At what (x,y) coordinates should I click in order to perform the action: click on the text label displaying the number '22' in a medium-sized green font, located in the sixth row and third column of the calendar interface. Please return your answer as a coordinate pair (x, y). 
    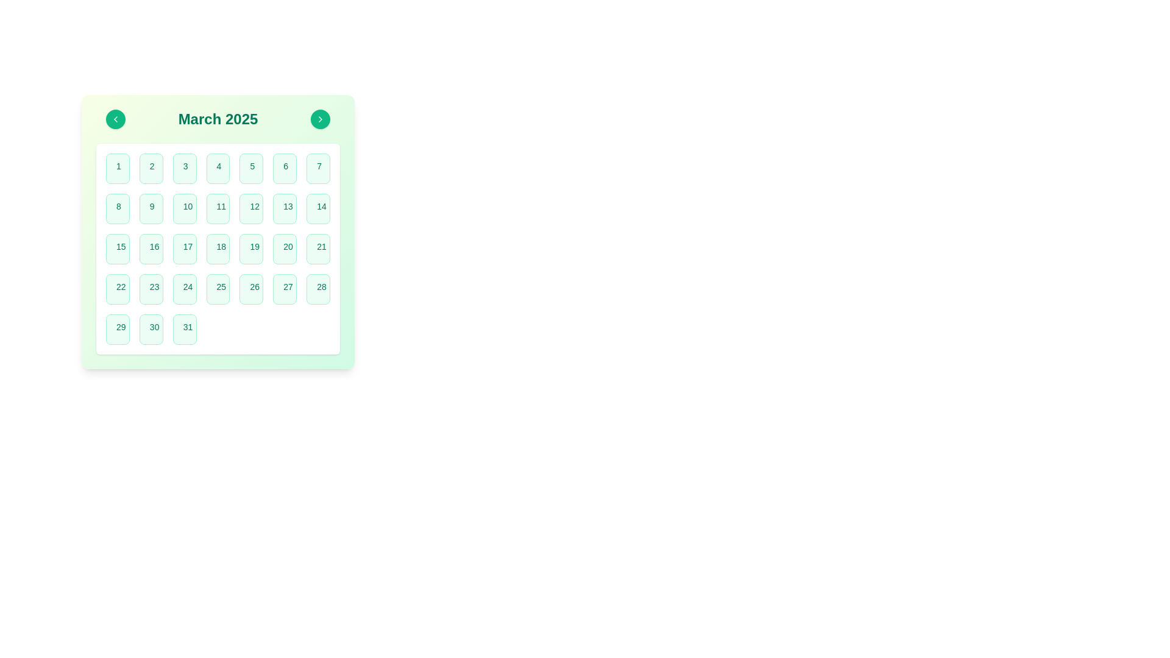
    Looking at the image, I should click on (121, 286).